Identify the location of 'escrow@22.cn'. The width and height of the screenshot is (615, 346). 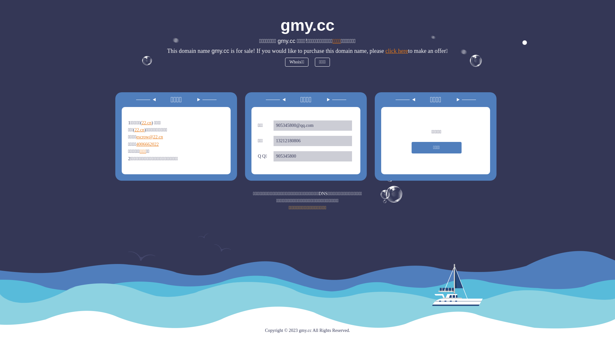
(136, 136).